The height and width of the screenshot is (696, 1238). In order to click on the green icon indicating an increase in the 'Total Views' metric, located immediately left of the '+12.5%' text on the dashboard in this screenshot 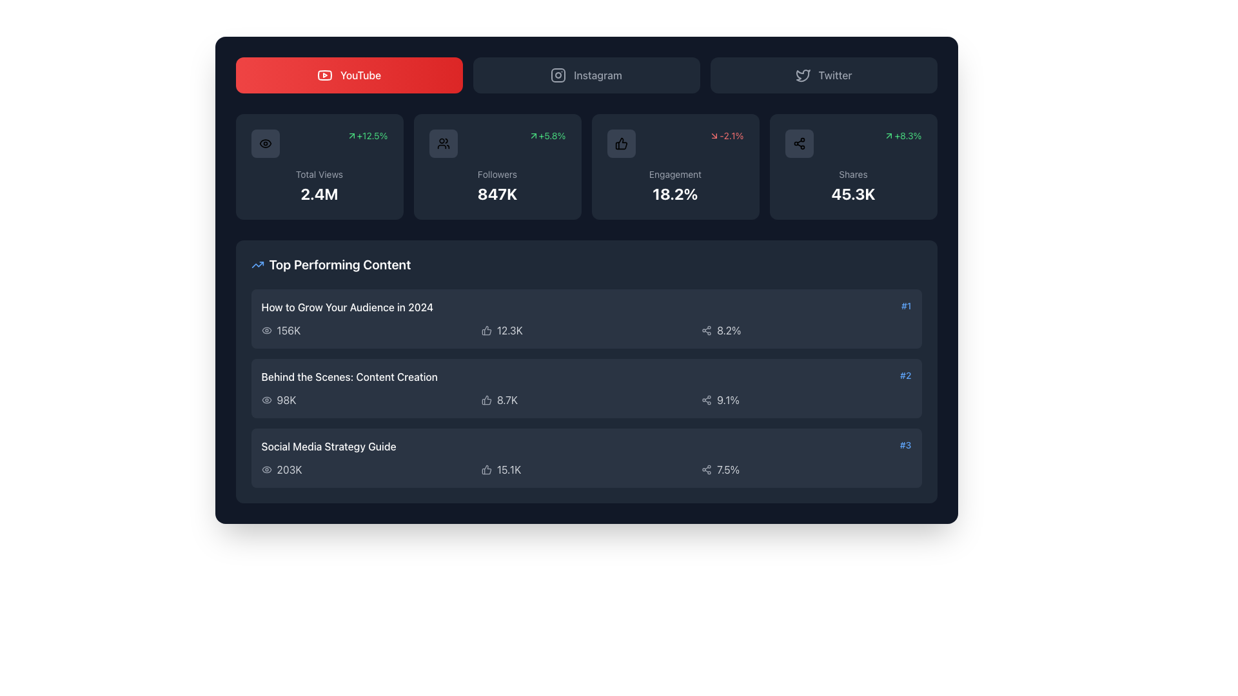, I will do `click(351, 136)`.